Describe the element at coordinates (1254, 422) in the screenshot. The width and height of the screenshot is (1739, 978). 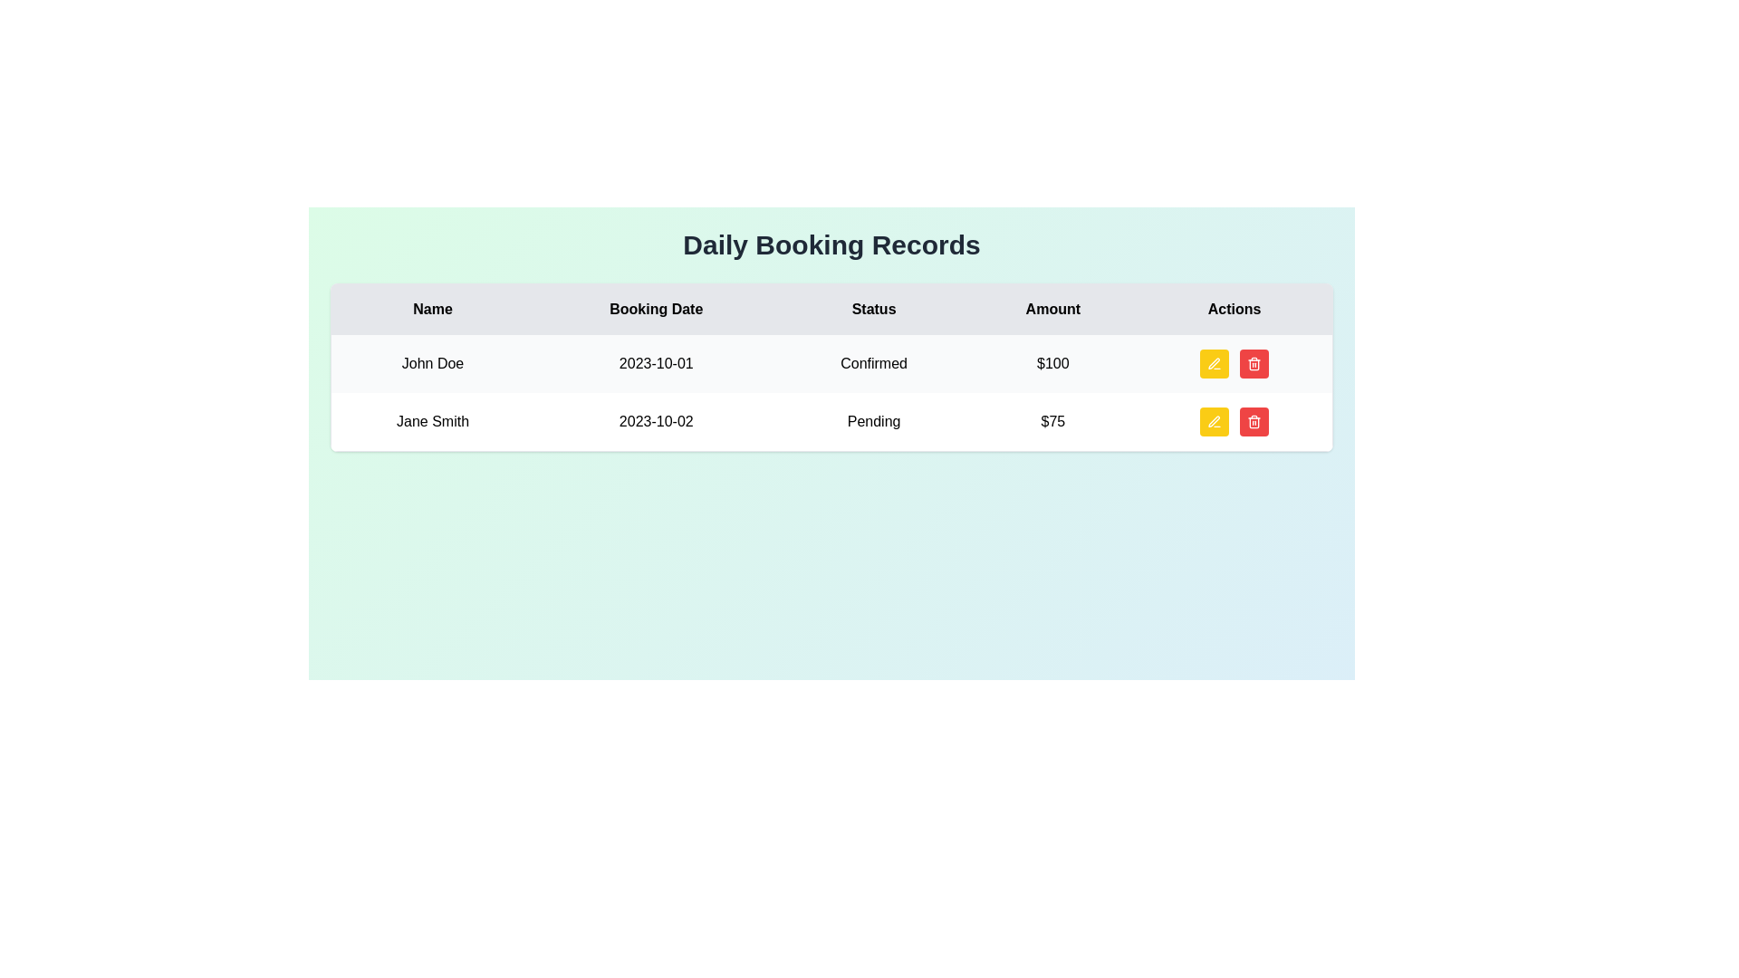
I see `the delete button with an icon in the 'Actions' column for the second row corresponding to 'Jane Smith'` at that location.